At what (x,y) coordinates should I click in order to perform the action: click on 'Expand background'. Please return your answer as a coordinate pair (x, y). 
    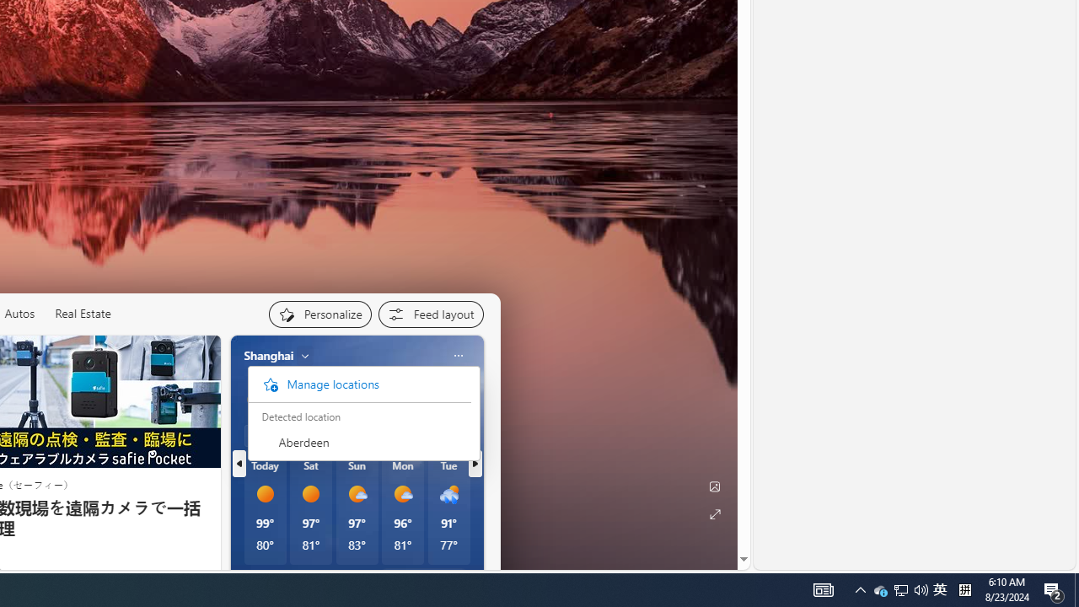
    Looking at the image, I should click on (715, 513).